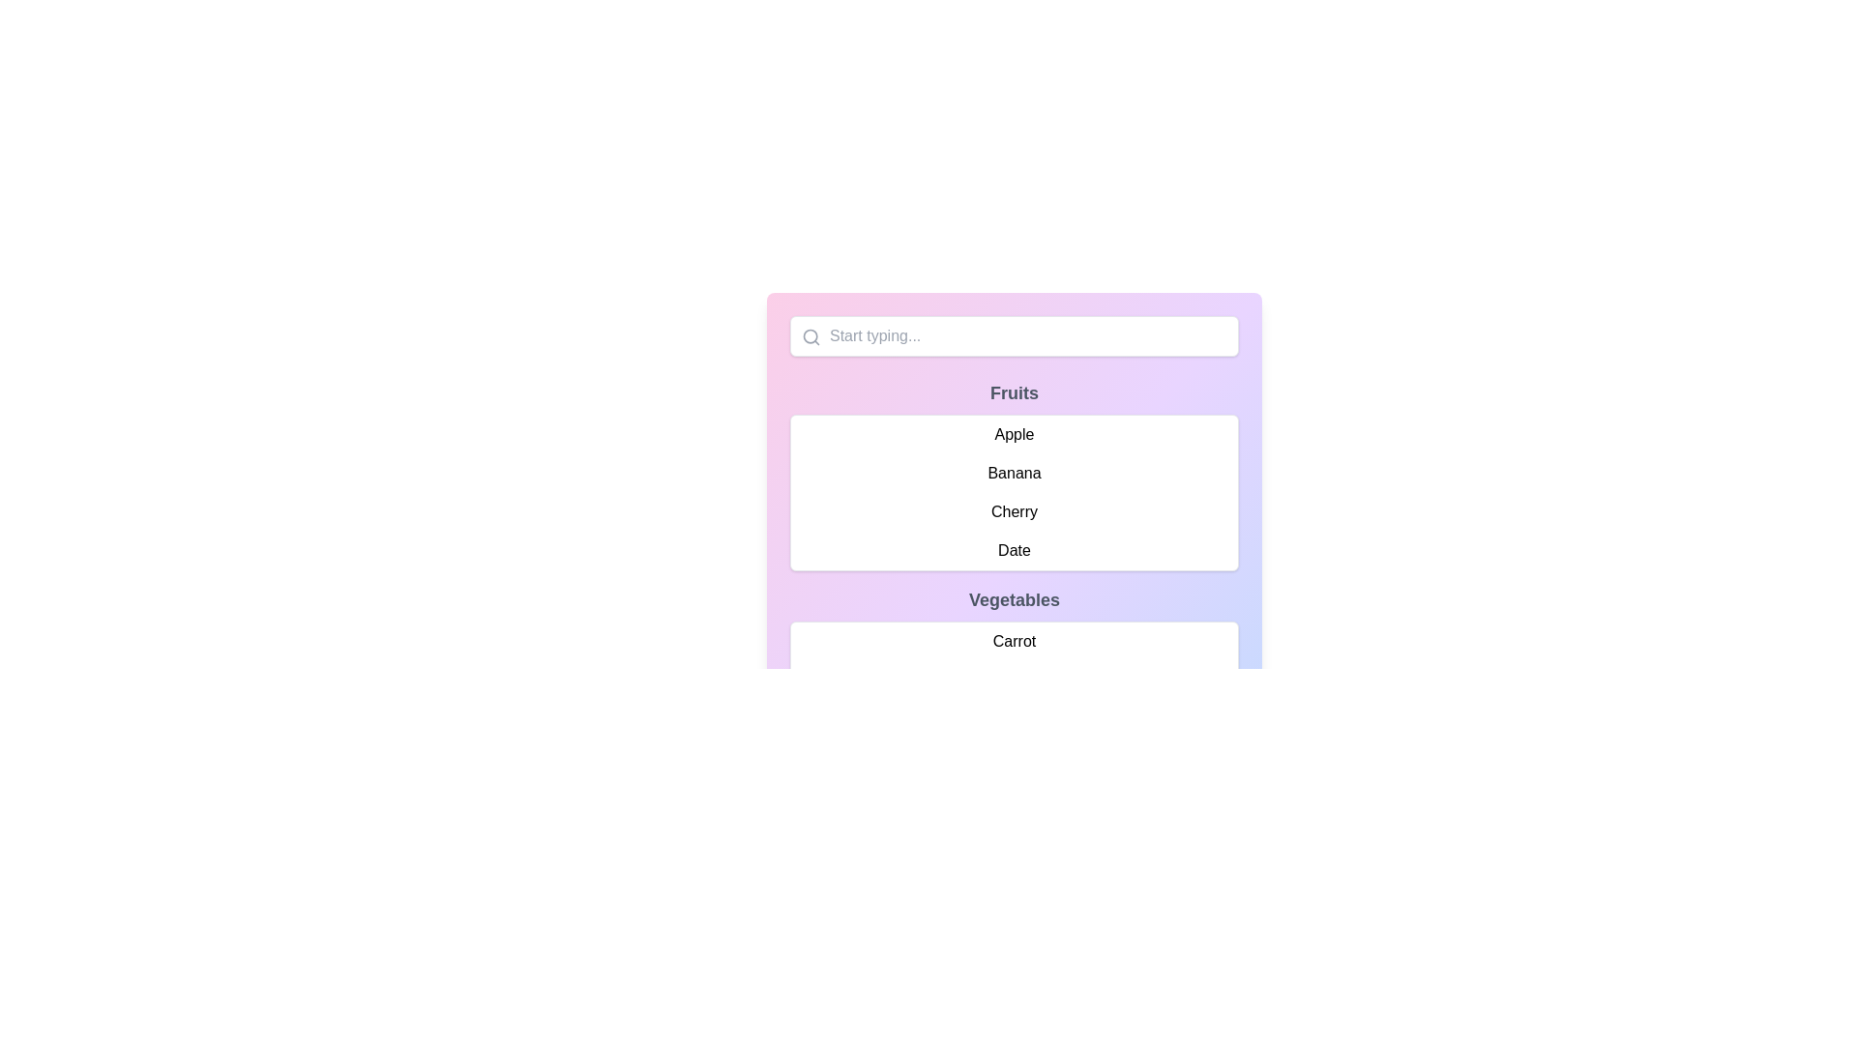 This screenshot has width=1857, height=1044. Describe the element at coordinates (1014, 473) in the screenshot. I see `the selectable text item 'Banana' in the Fruits list` at that location.